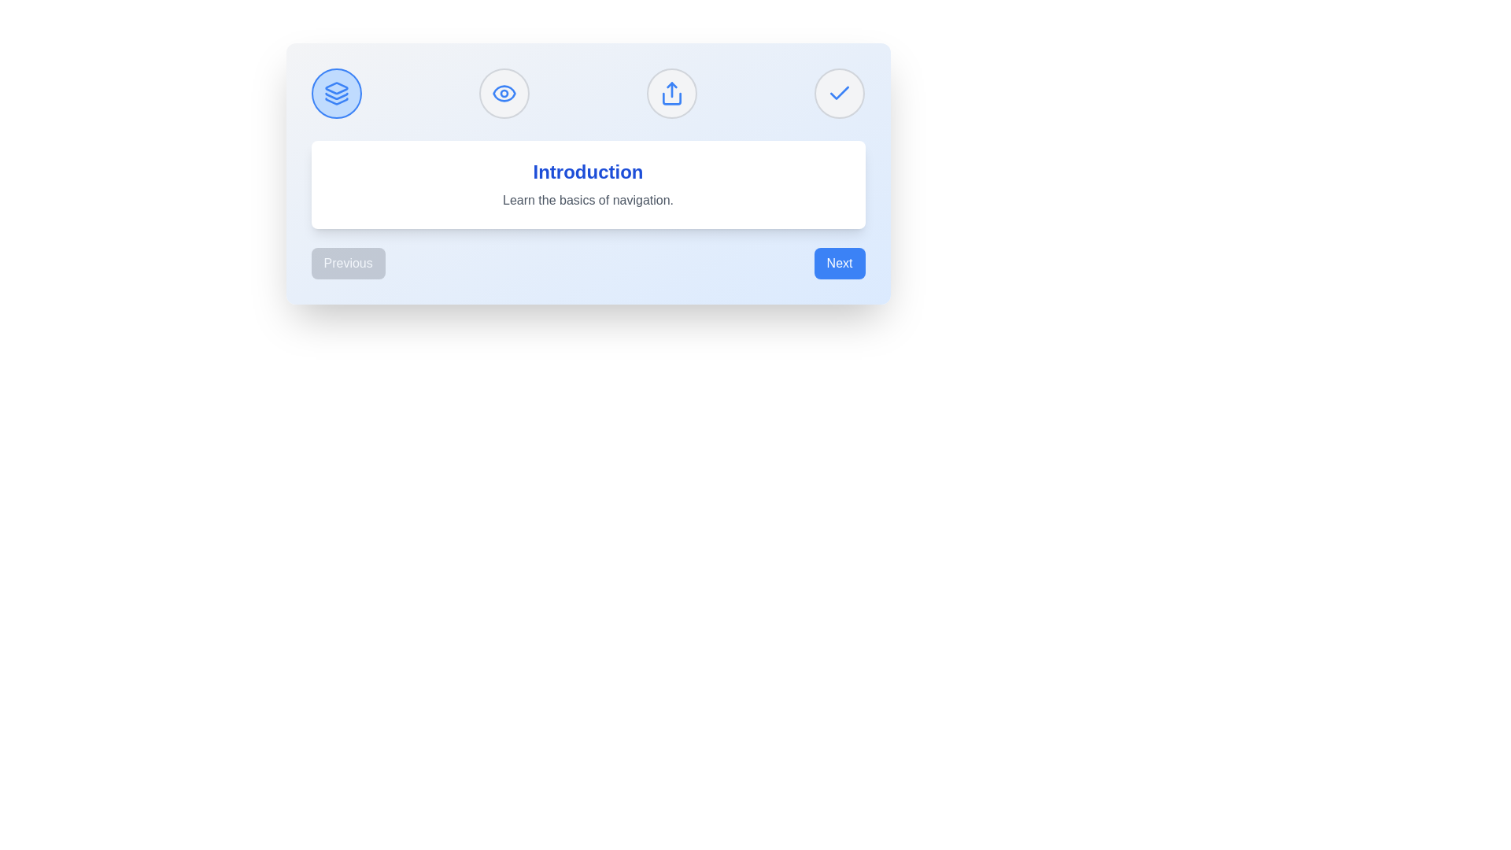 The image size is (1511, 850). Describe the element at coordinates (347, 263) in the screenshot. I see `the 'Previous' button to navigate to the previous step` at that location.